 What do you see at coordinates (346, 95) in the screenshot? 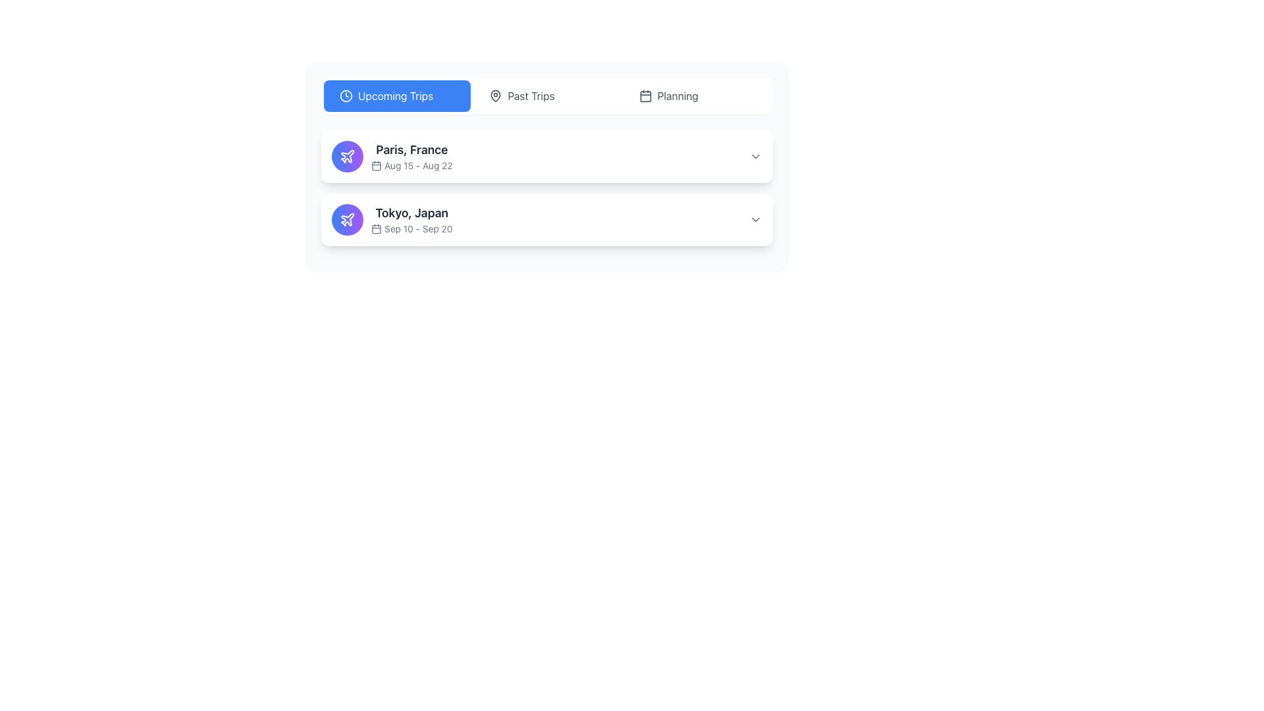
I see `the circular outline of the clock icon within the 'Upcoming Trips' tab, which serves as a decorative visual indicator` at bounding box center [346, 95].